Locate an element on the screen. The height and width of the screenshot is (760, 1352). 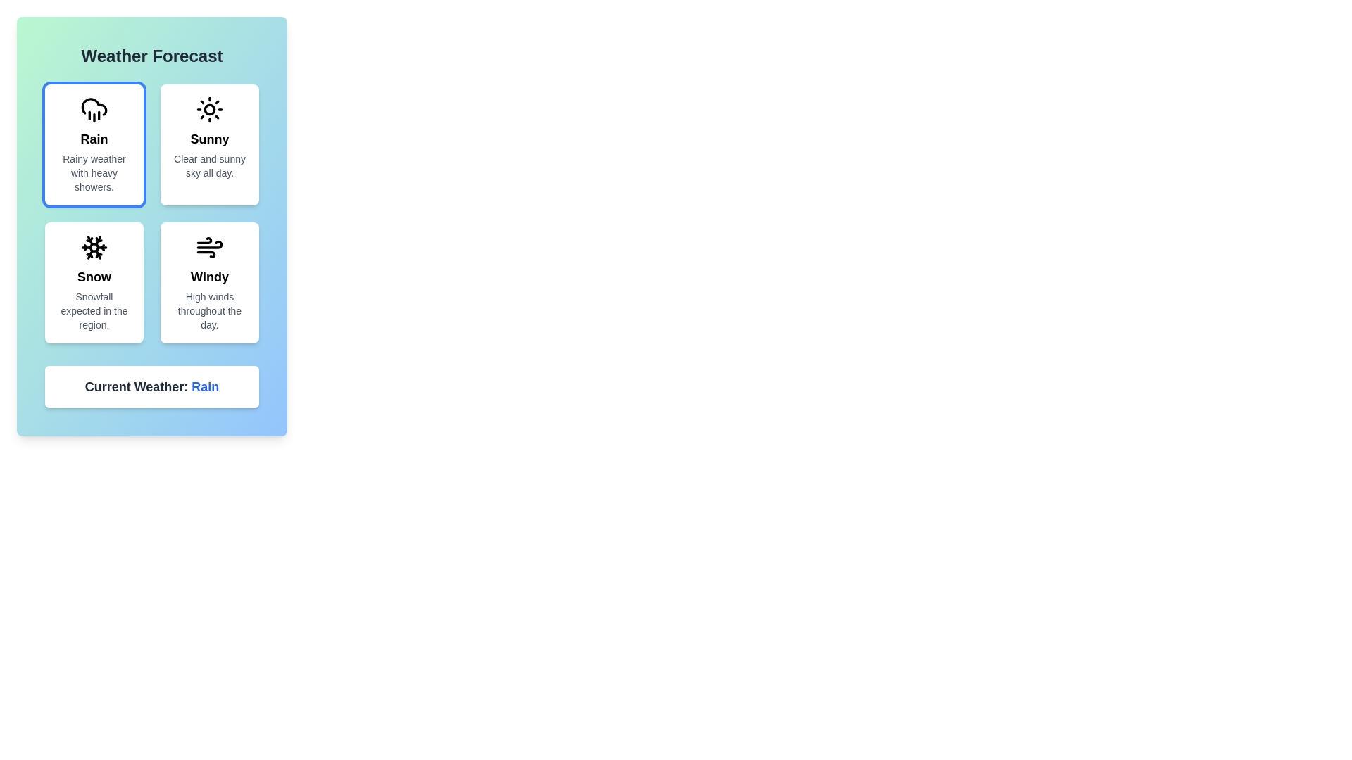
the wind icon, which is a stylized representation with three curved lines and dots, located at the top of the card labeled 'Windy' is located at coordinates (208, 246).